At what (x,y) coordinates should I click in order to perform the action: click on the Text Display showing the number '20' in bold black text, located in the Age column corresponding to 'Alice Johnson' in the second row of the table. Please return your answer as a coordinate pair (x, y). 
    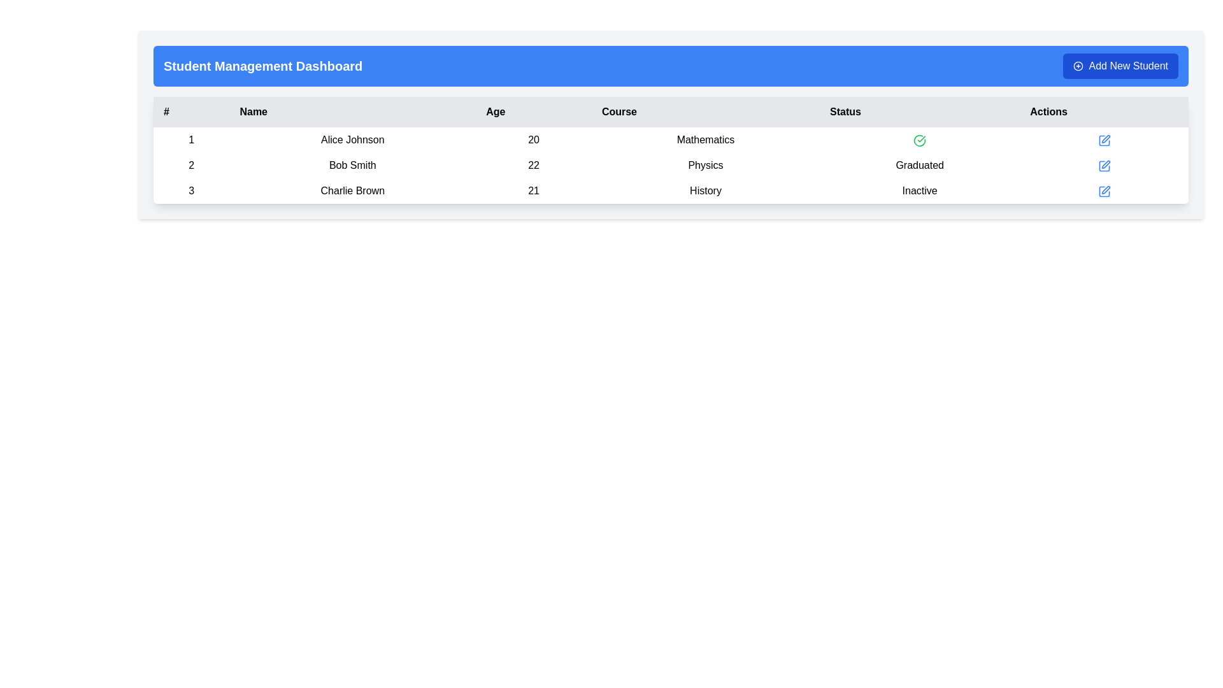
    Looking at the image, I should click on (534, 140).